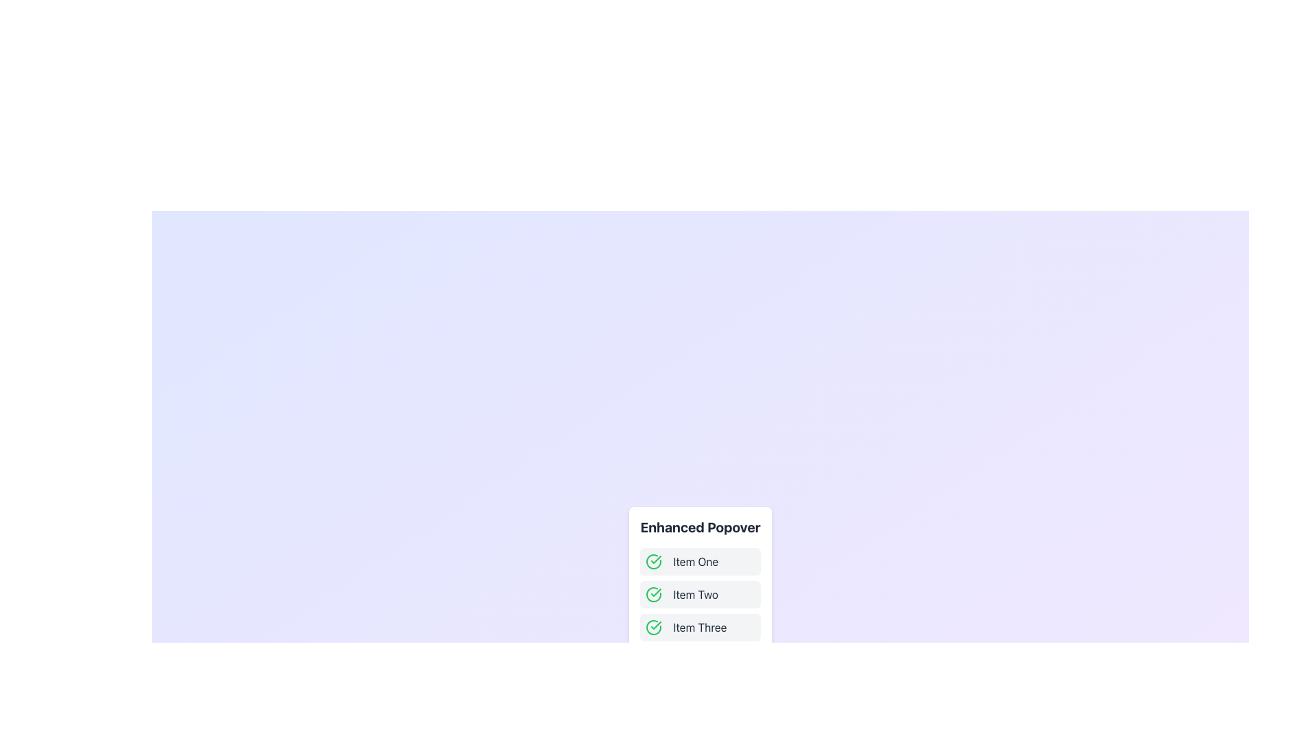 This screenshot has height=740, width=1316. Describe the element at coordinates (700, 627) in the screenshot. I see `label text of the element displaying 'Item Three', which is the third item in a vertically arranged list of three items` at that location.